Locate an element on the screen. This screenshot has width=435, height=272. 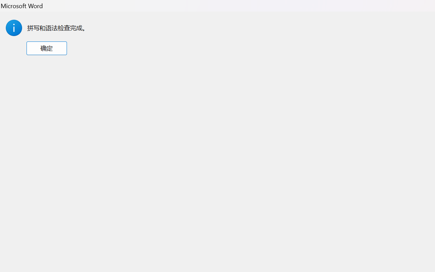
'Class: Static' is located at coordinates (14, 28).